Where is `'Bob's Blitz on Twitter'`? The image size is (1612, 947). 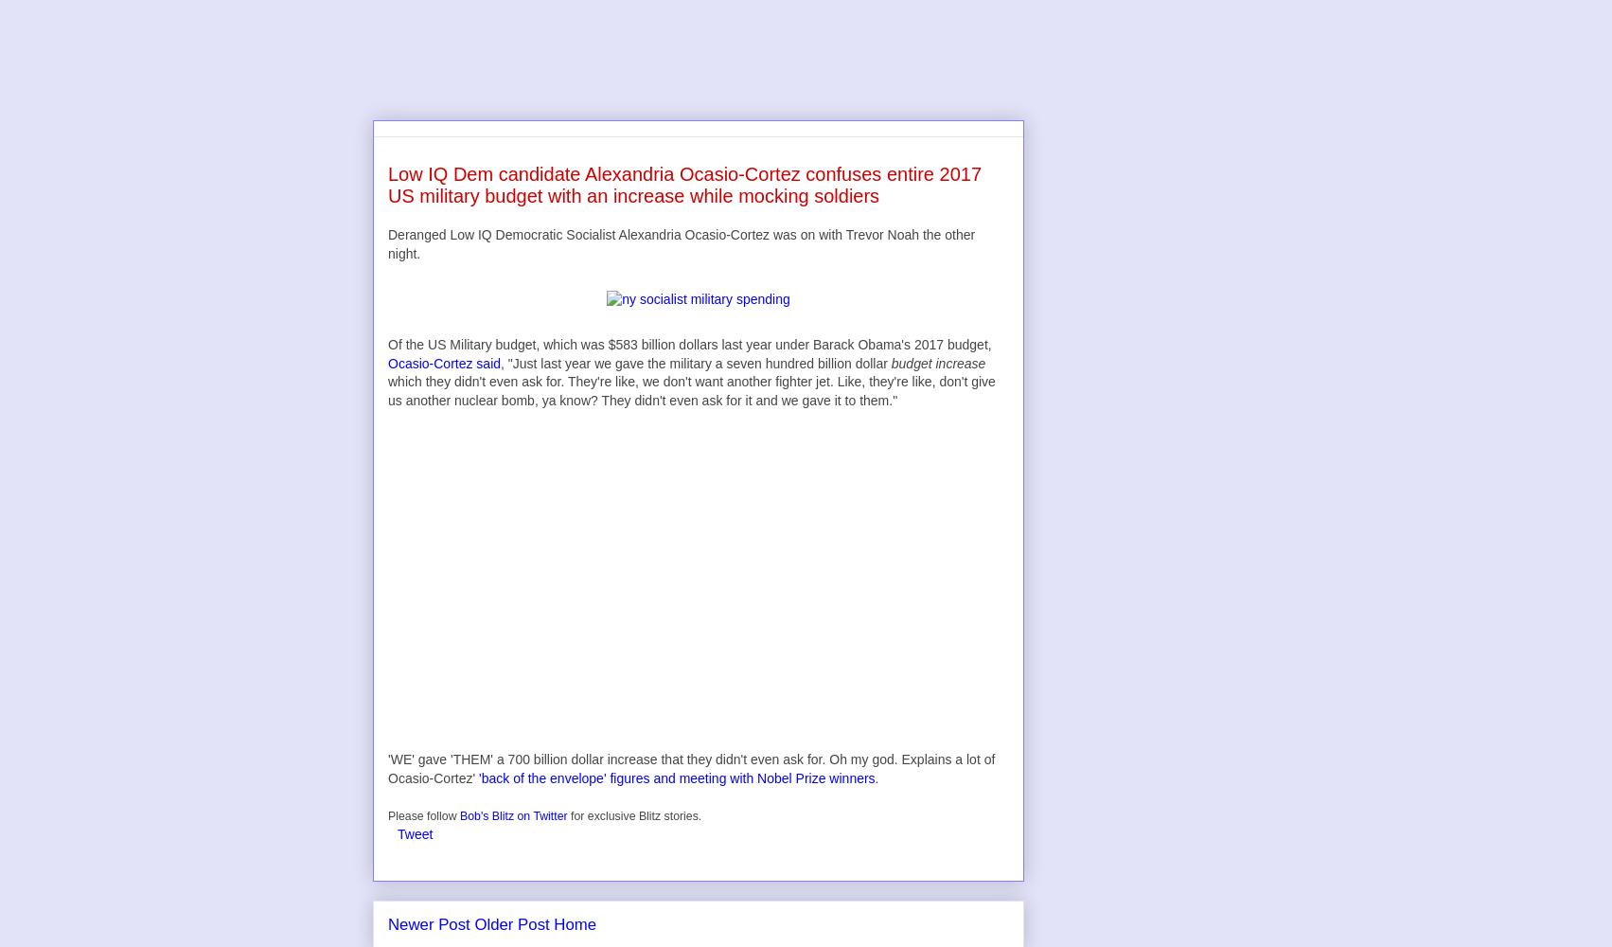 'Bob's Blitz on Twitter' is located at coordinates (512, 814).